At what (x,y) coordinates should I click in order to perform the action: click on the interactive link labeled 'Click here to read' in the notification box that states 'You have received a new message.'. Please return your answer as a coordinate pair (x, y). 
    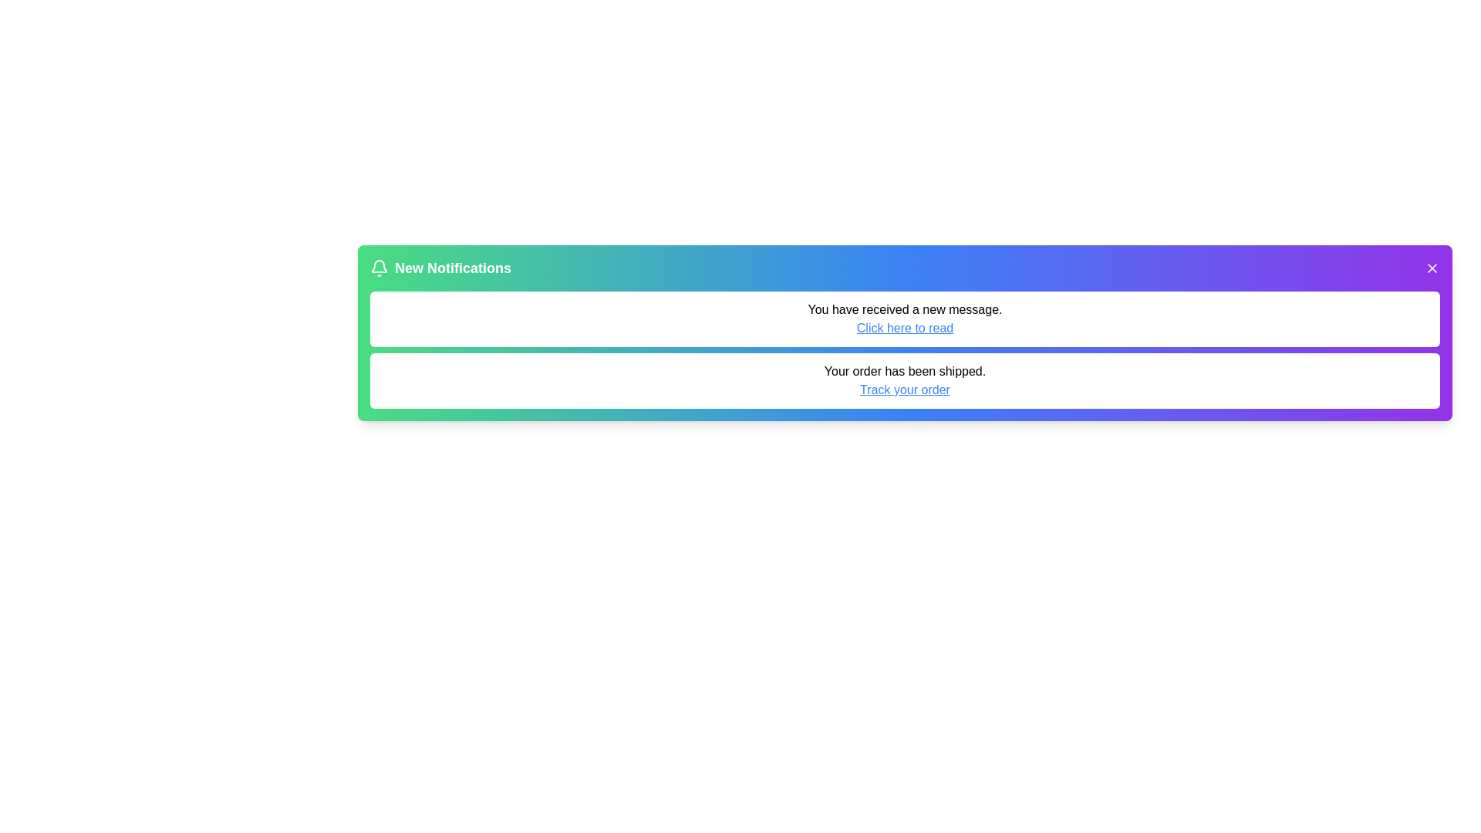
    Looking at the image, I should click on (905, 318).